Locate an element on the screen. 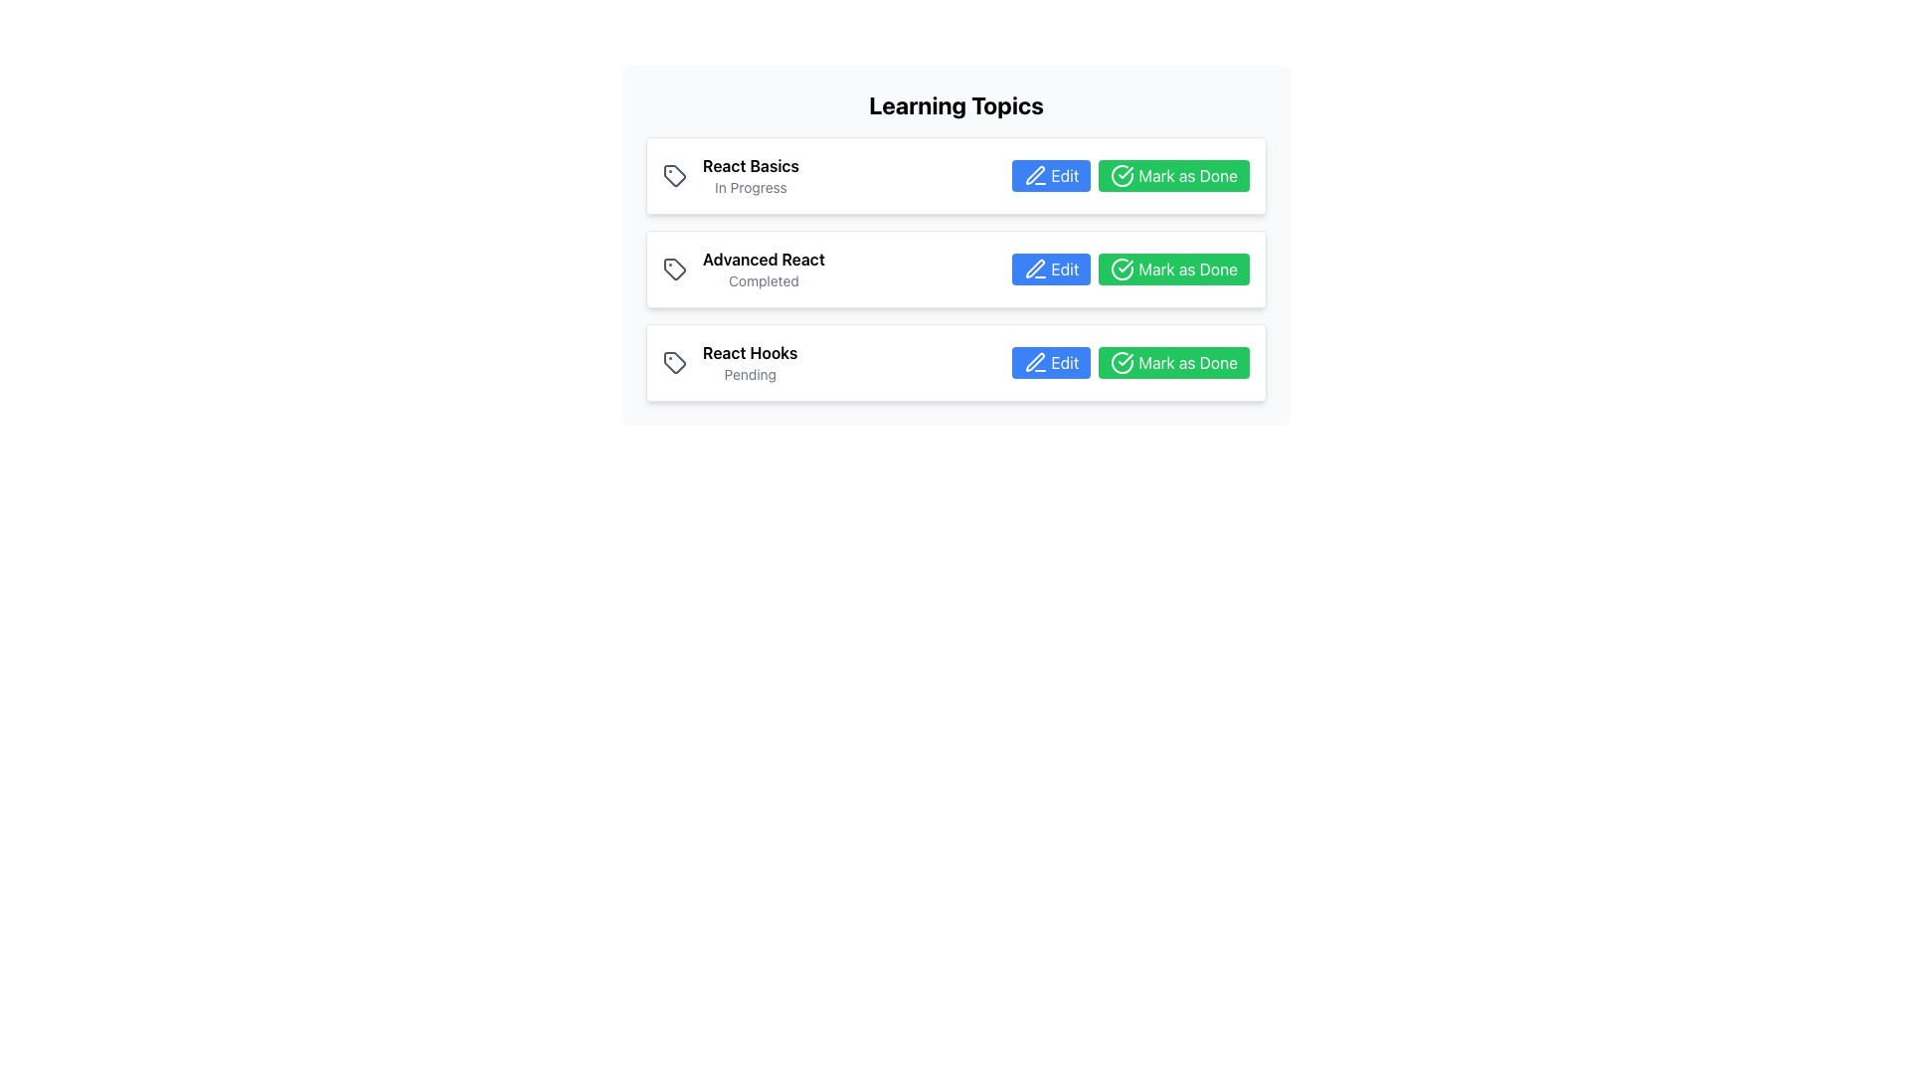 The height and width of the screenshot is (1074, 1909). the icon inside the green button labeled 'Mark as Done', which is positioned to the right of the 'Edit' button in the first row of tasks is located at coordinates (1123, 175).